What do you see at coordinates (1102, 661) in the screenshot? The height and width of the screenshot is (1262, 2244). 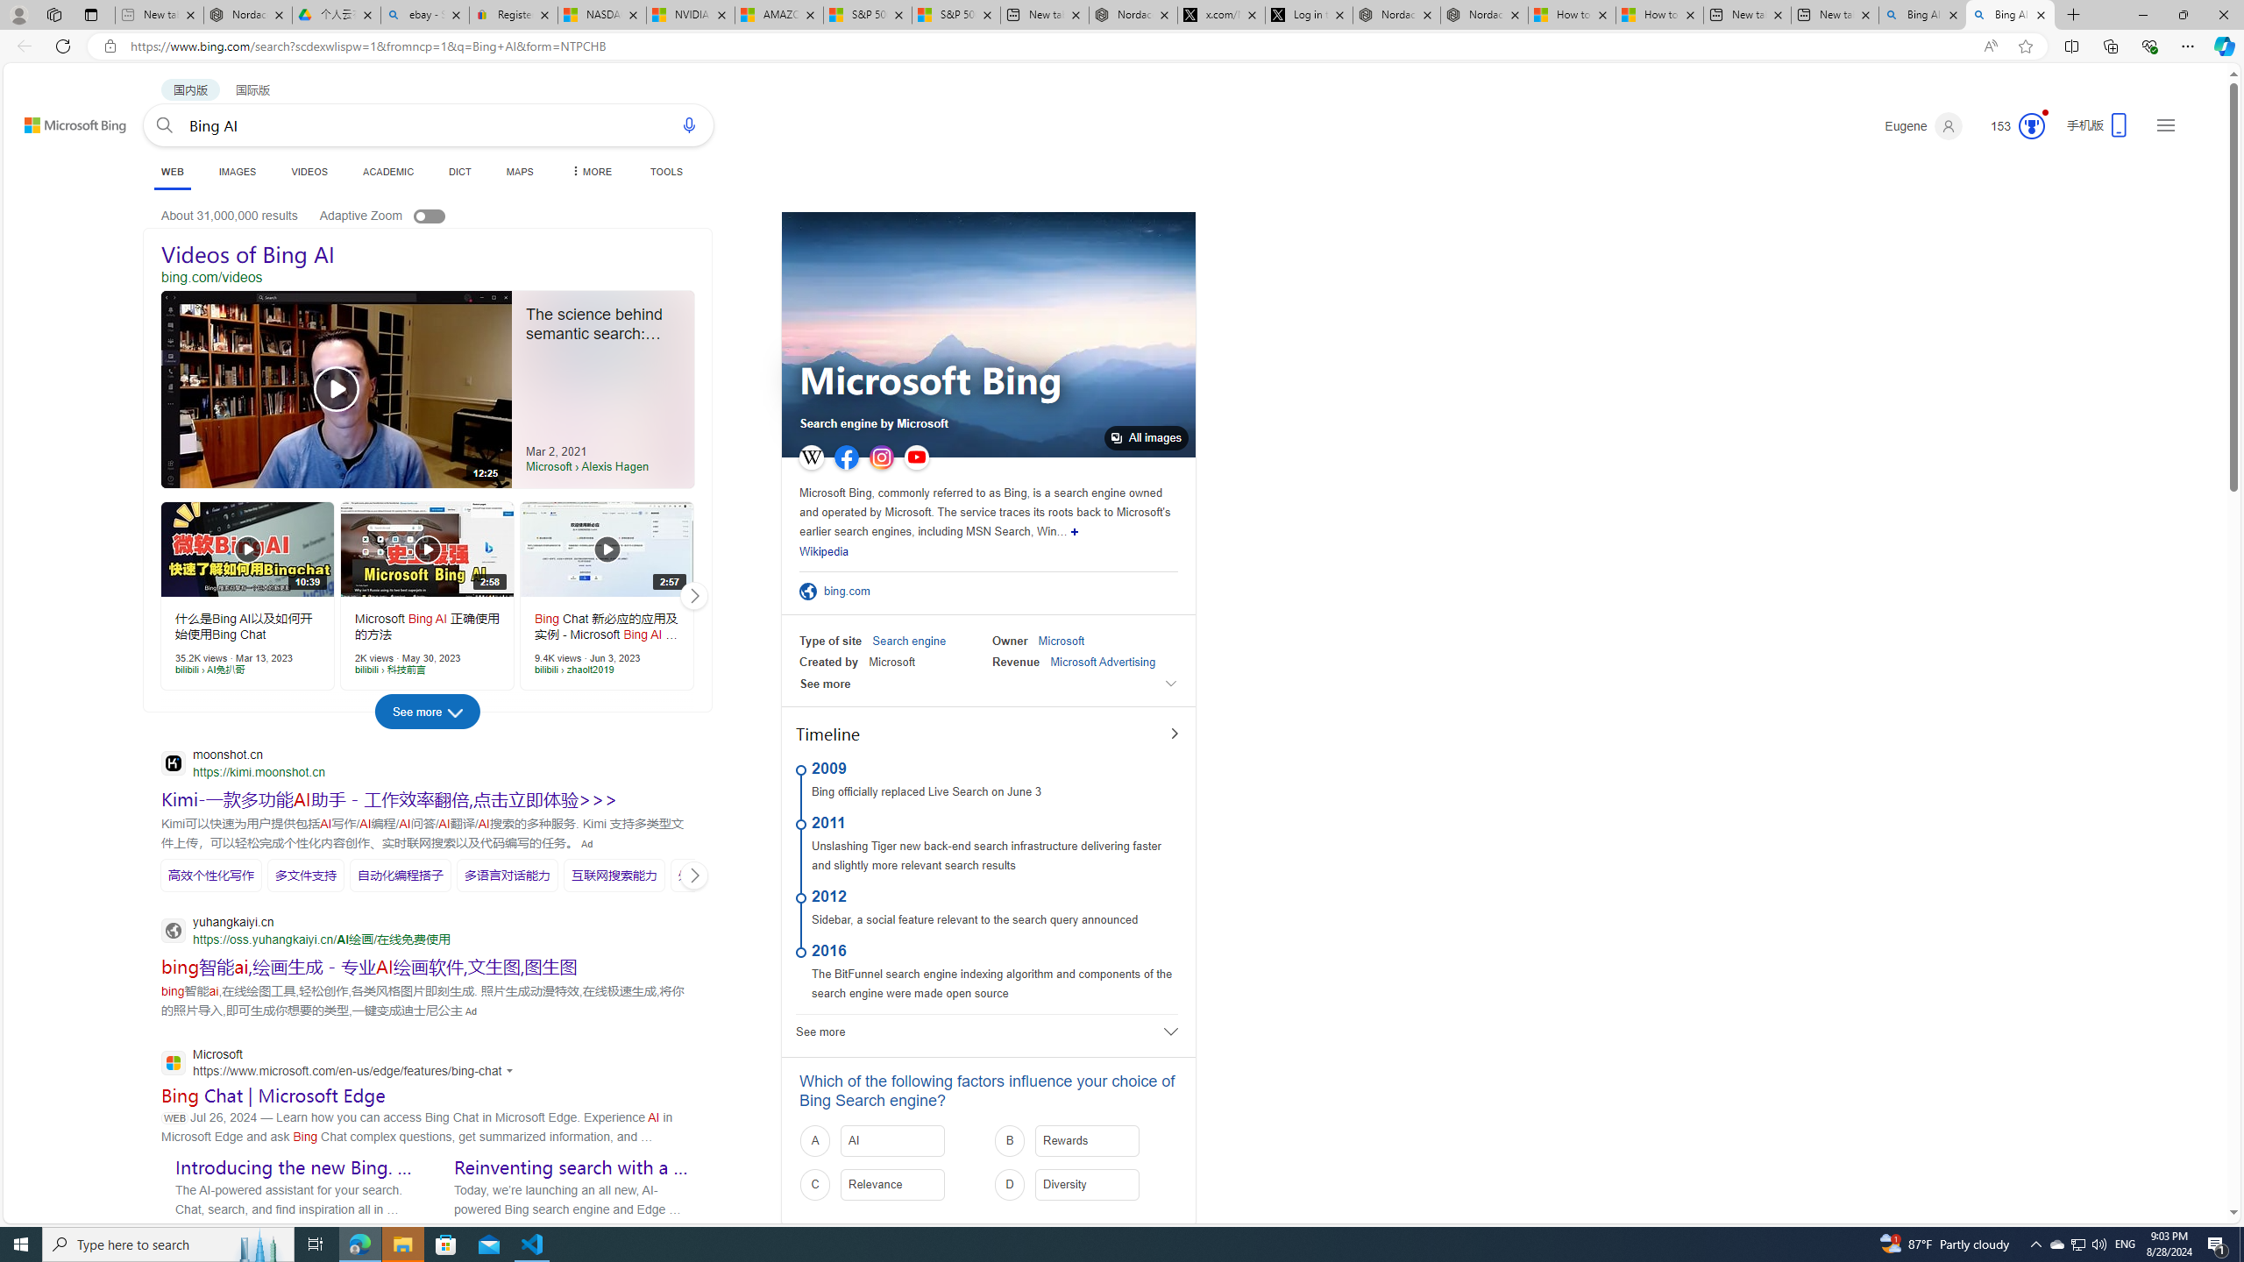 I see `'Microsoft Advertising'` at bounding box center [1102, 661].